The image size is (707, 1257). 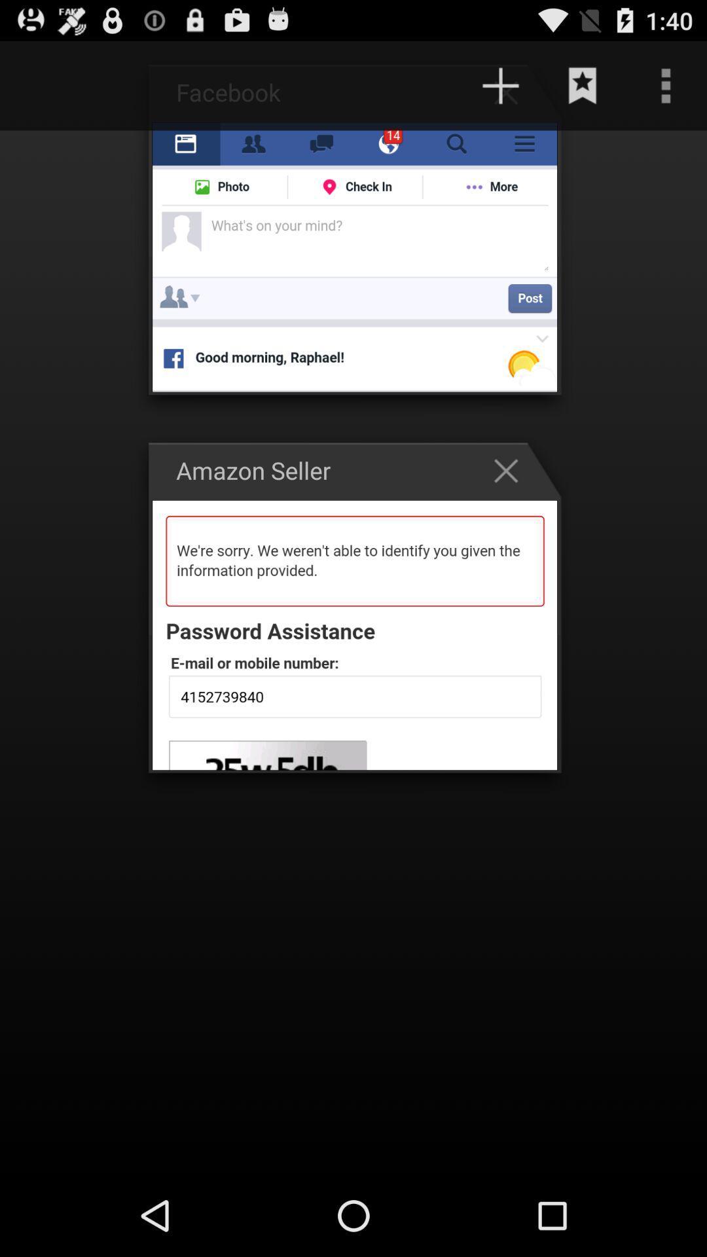 What do you see at coordinates (512, 502) in the screenshot?
I see `the close icon` at bounding box center [512, 502].